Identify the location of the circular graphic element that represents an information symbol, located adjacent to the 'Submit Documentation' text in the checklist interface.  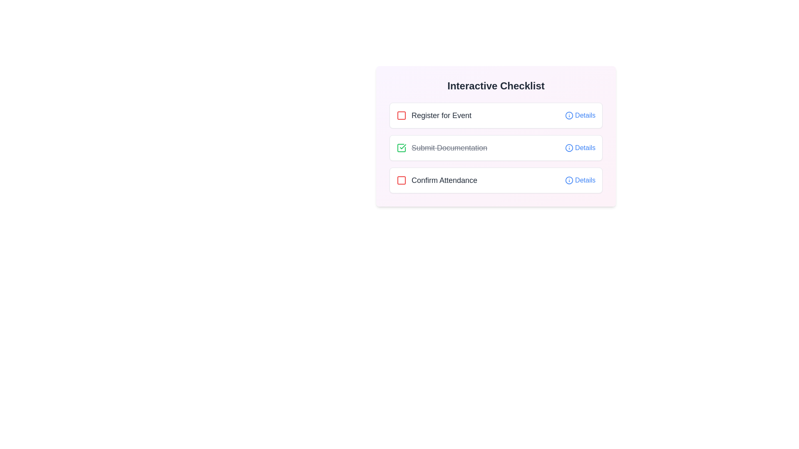
(569, 147).